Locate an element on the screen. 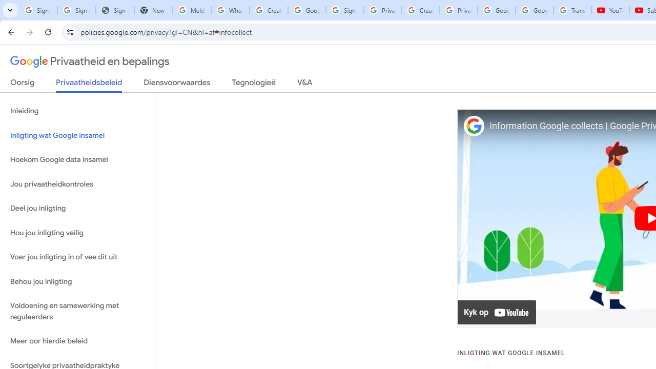 This screenshot has height=369, width=656. 'Voer jou inligting in of vee dit uit' is located at coordinates (77, 257).